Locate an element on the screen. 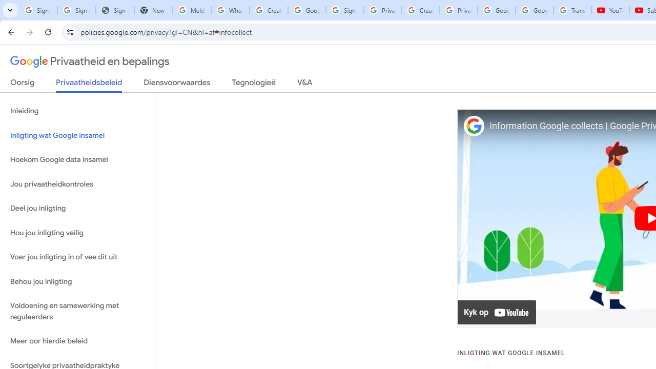 This screenshot has height=369, width=656. 'Voer jou inligting in of vee dit uit' is located at coordinates (77, 257).